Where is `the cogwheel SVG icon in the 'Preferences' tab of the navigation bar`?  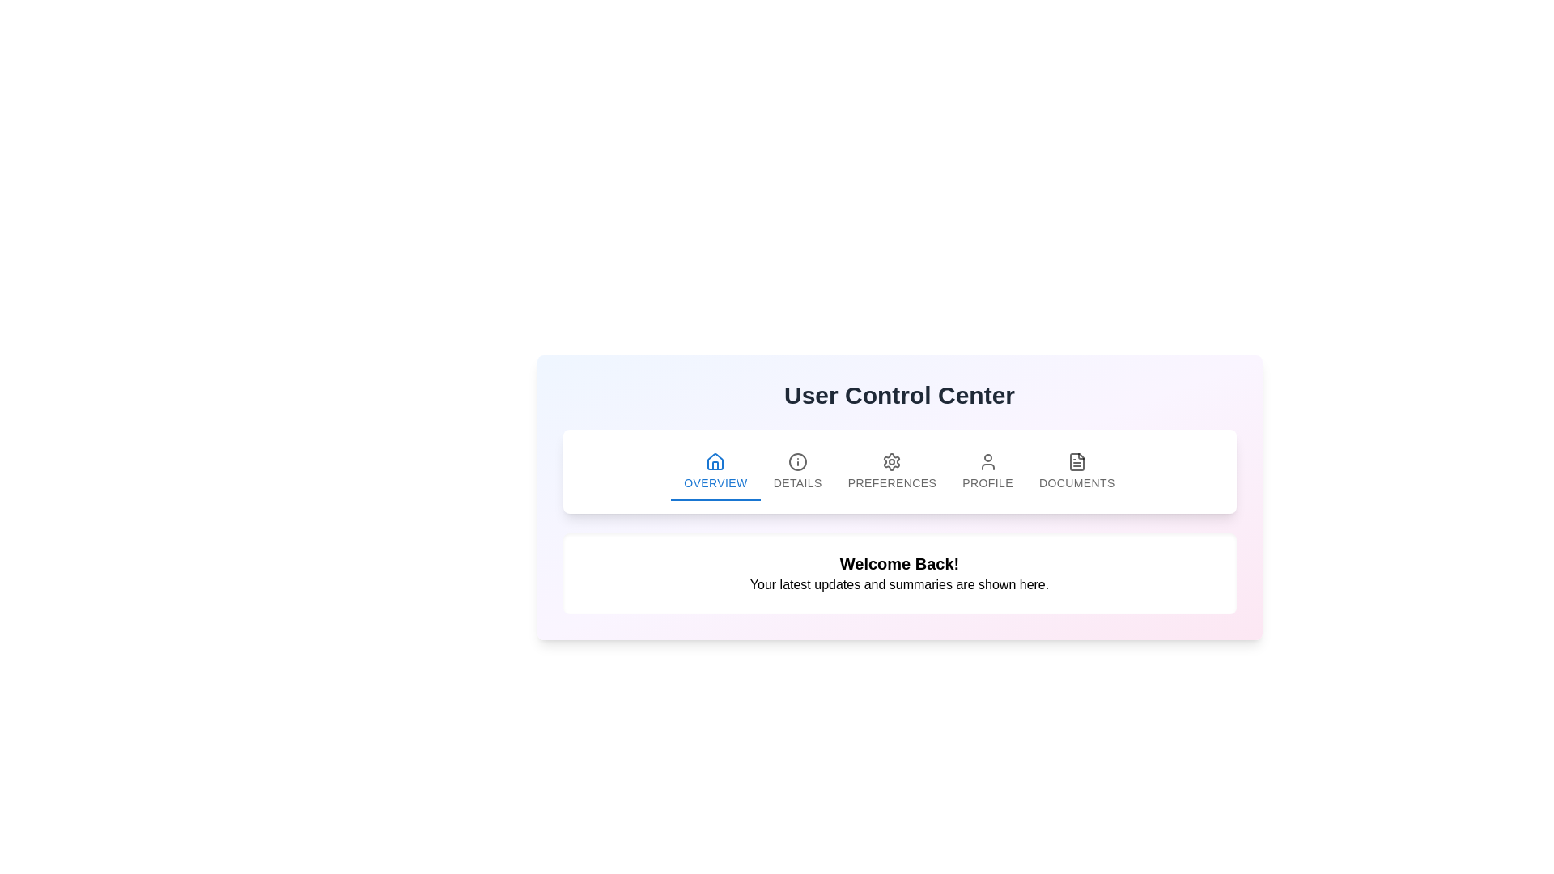 the cogwheel SVG icon in the 'Preferences' tab of the navigation bar is located at coordinates (891, 462).